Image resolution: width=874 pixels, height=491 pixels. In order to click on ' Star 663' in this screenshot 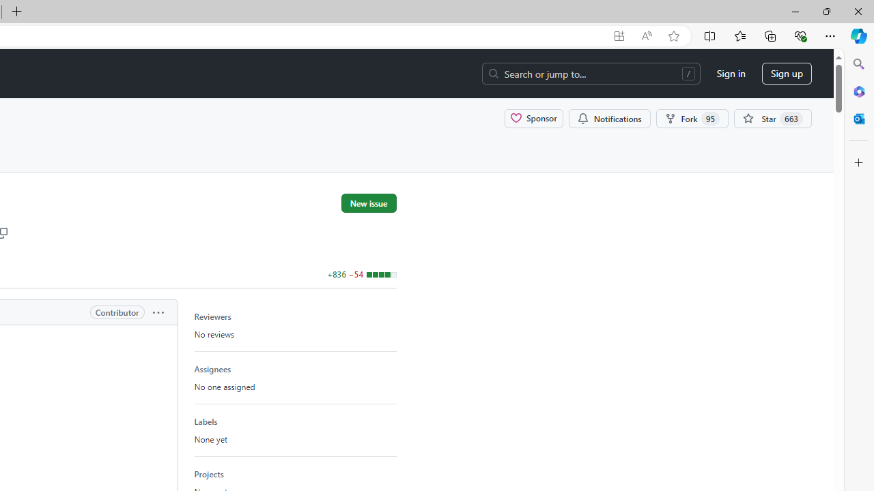, I will do `click(773, 117)`.